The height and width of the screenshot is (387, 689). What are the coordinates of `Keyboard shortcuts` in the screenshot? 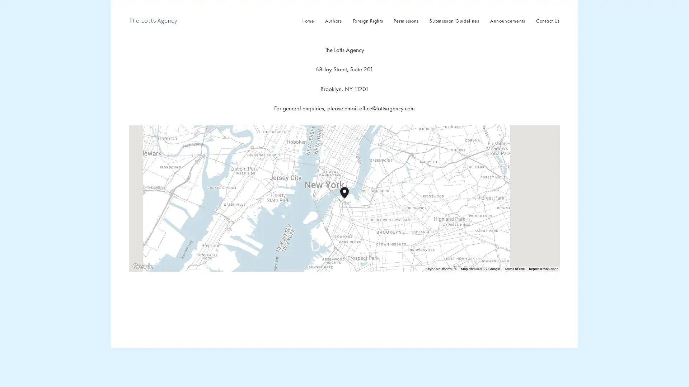 It's located at (440, 269).